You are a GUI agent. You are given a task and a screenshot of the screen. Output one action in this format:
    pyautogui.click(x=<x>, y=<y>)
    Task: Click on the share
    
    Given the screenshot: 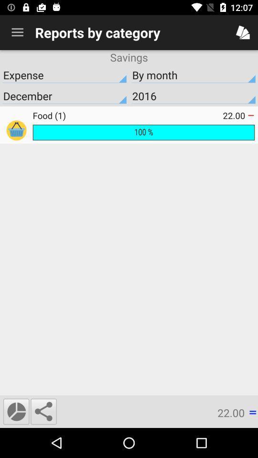 What is the action you would take?
    pyautogui.click(x=43, y=411)
    